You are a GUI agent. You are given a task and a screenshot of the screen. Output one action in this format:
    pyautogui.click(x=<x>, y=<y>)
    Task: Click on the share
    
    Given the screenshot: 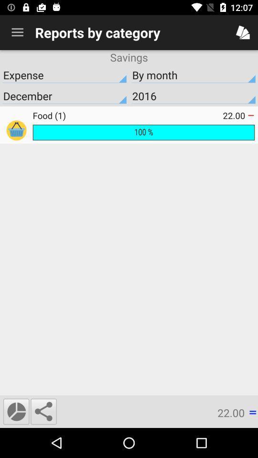 What is the action you would take?
    pyautogui.click(x=43, y=411)
    